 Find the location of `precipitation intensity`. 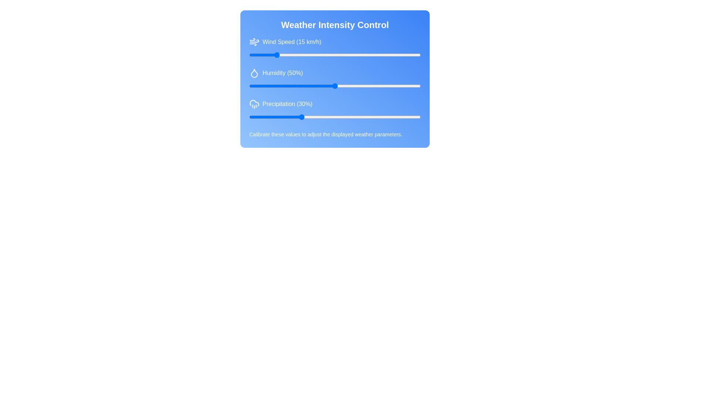

precipitation intensity is located at coordinates (314, 116).